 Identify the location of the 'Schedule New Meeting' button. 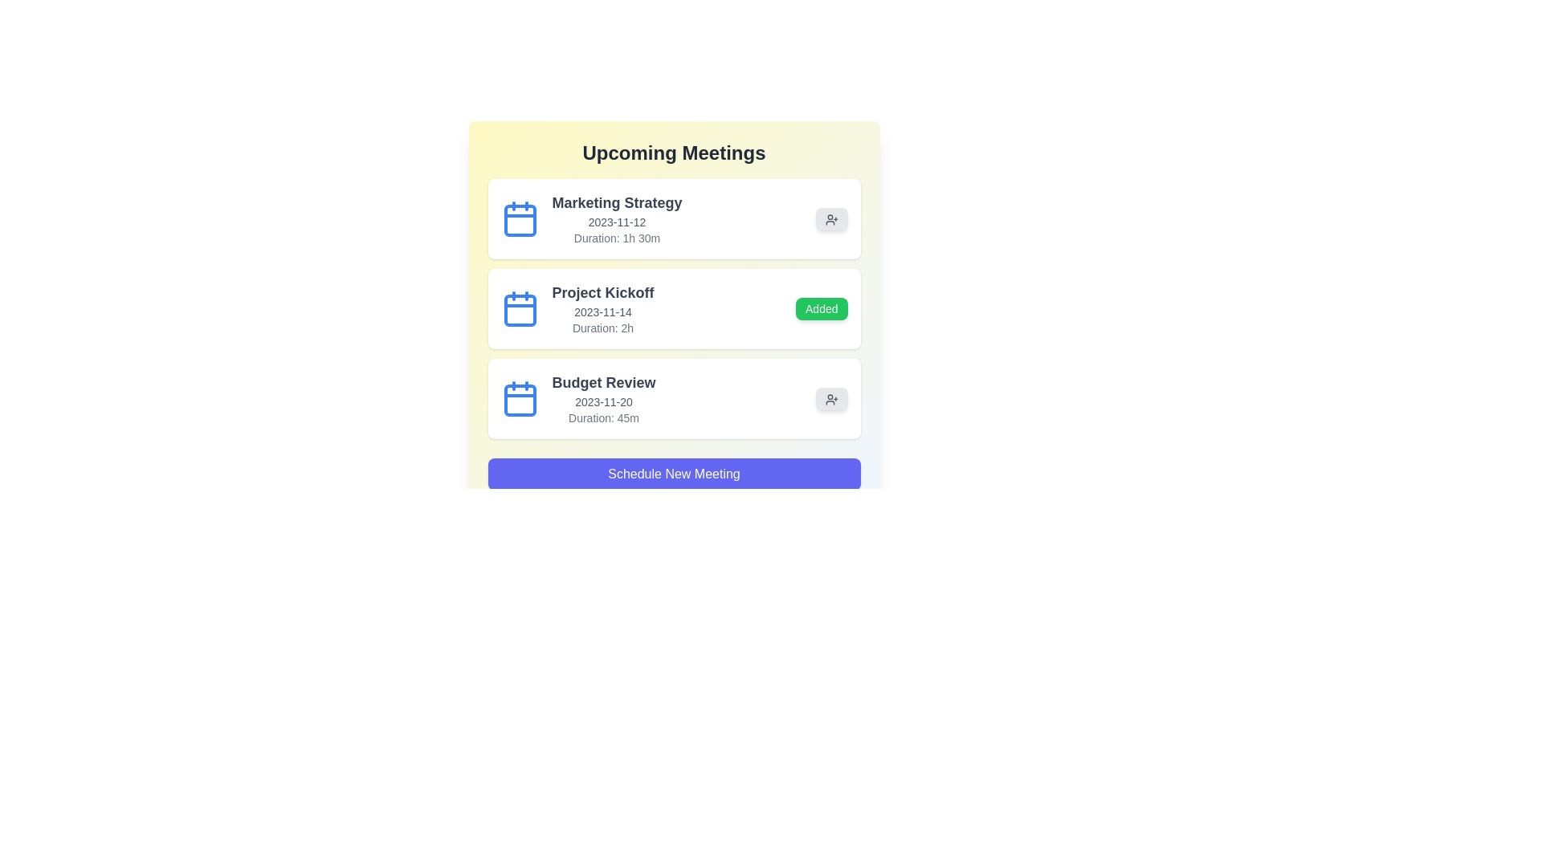
(674, 473).